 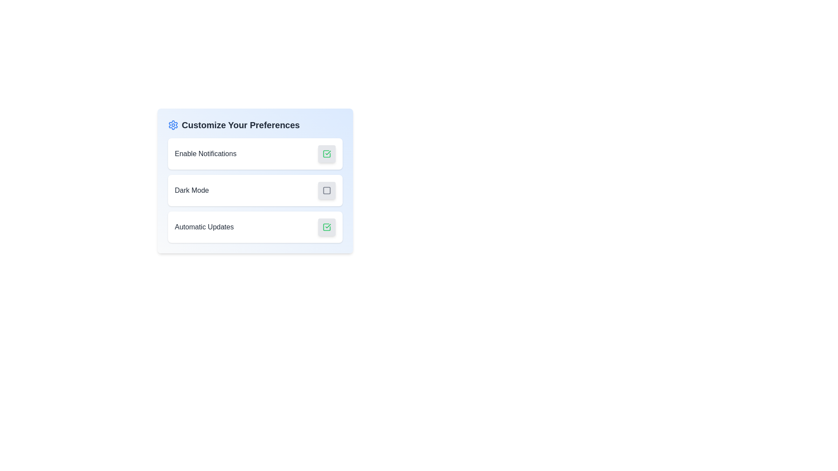 What do you see at coordinates (254, 226) in the screenshot?
I see `the Interactive Option Box for 'Automatic Updates' located below the 'Dark Mode' option` at bounding box center [254, 226].